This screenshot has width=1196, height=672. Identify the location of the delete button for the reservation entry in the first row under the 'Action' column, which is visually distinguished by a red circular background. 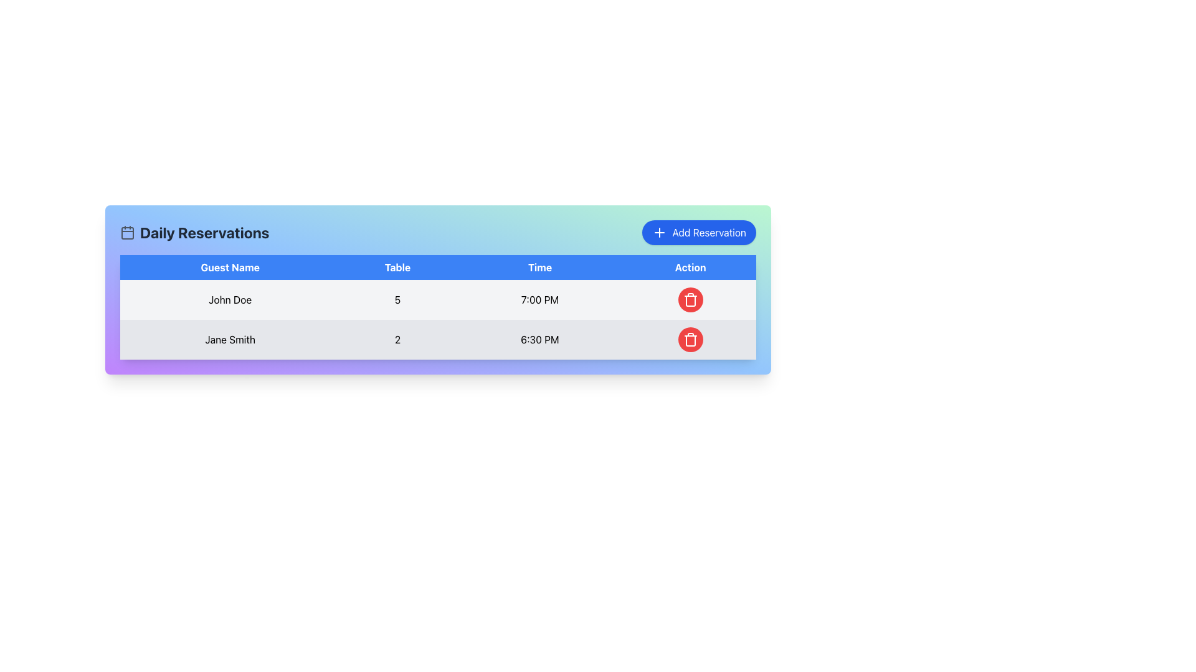
(690, 300).